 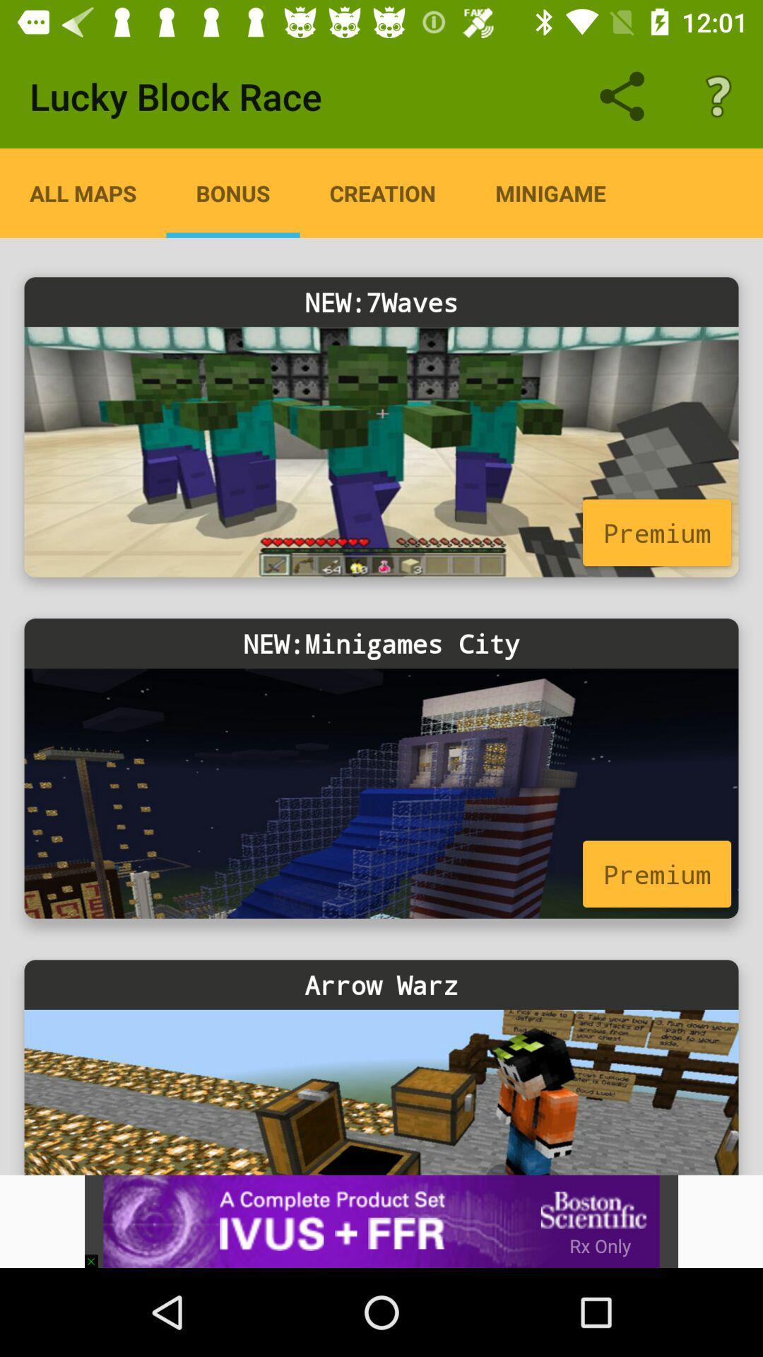 I want to click on minigames city, so click(x=381, y=793).